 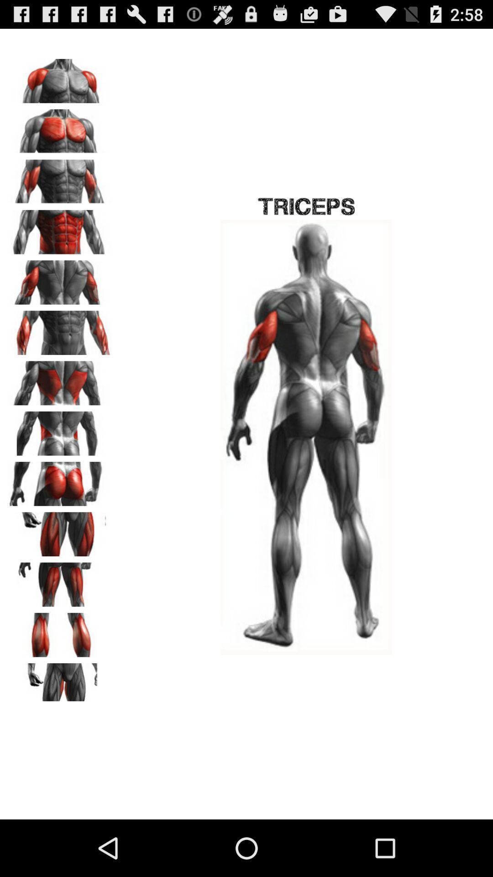 What do you see at coordinates (60, 329) in the screenshot?
I see `to know more` at bounding box center [60, 329].